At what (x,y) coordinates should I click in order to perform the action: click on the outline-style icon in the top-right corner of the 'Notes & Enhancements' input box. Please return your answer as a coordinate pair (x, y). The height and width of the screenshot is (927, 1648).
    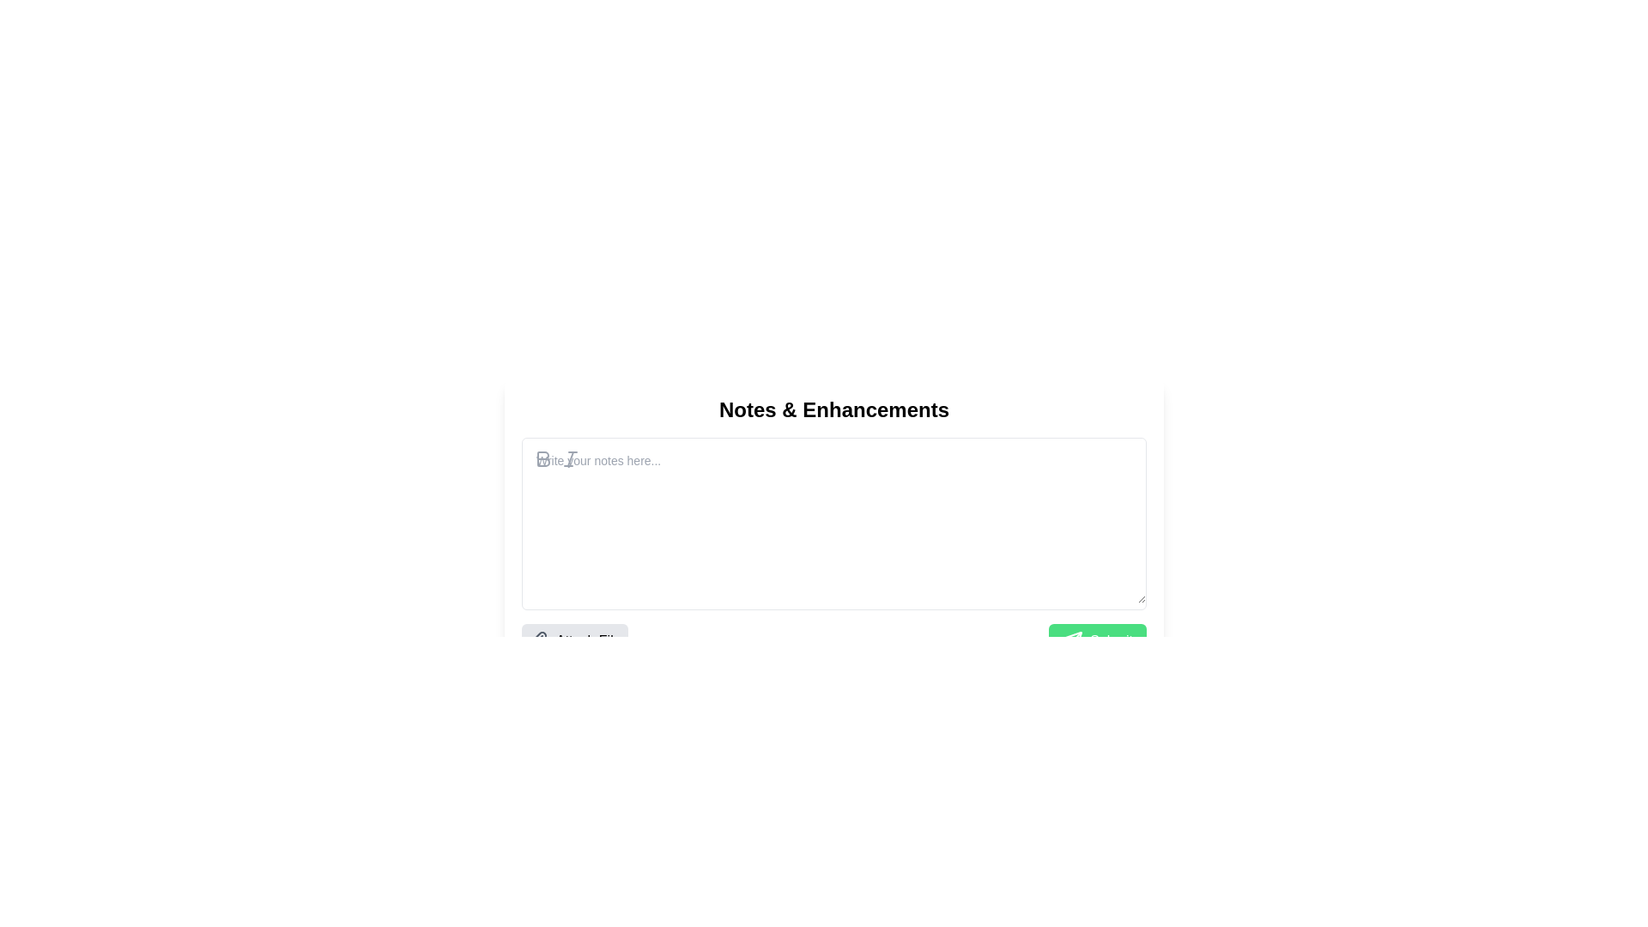
    Looking at the image, I should click on (542, 458).